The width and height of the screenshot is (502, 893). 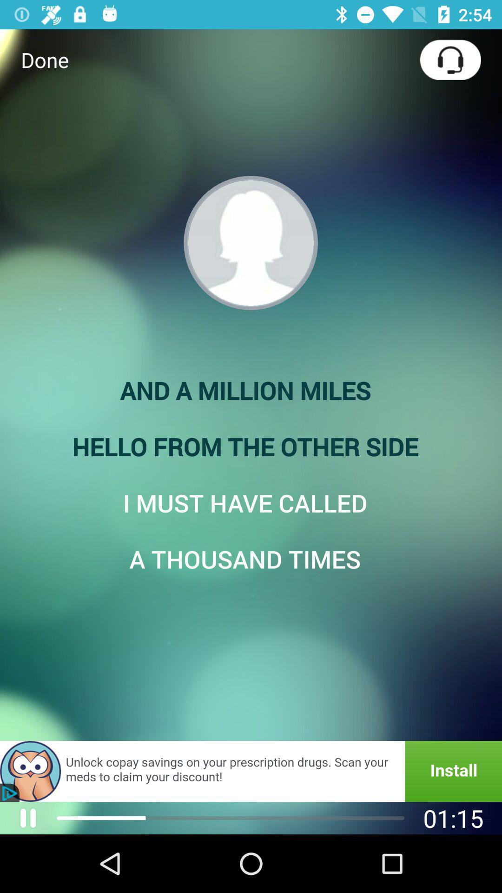 I want to click on the item at the bottom left corner, so click(x=28, y=818).